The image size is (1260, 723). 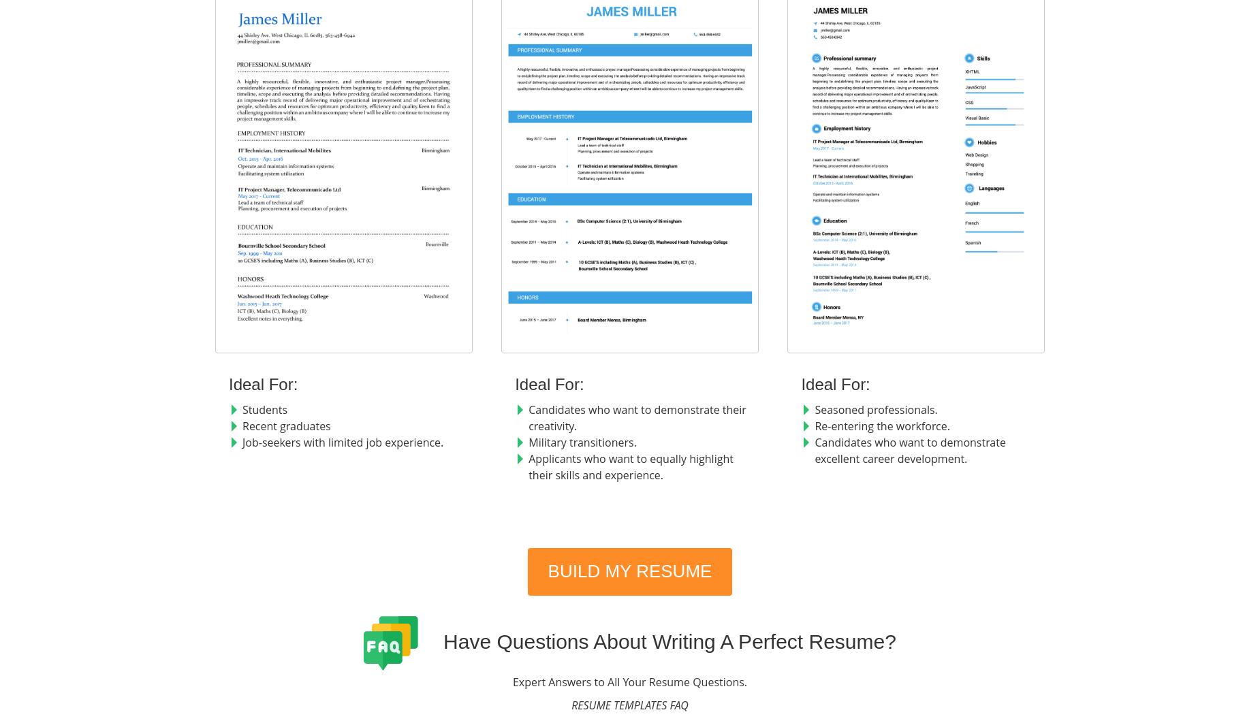 I want to click on 'Candidates who want to demonstrate excellent career development.', so click(x=814, y=449).